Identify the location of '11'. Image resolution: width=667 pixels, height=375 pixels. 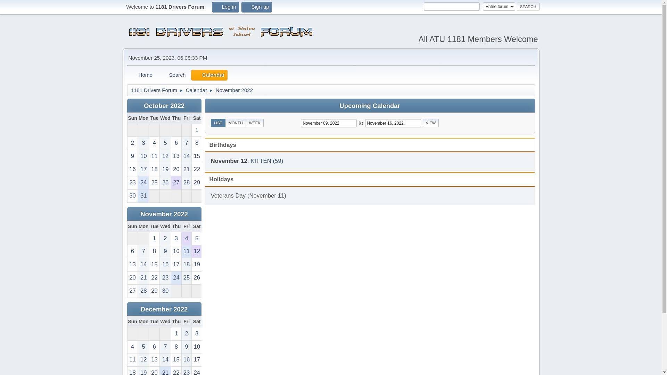
(132, 359).